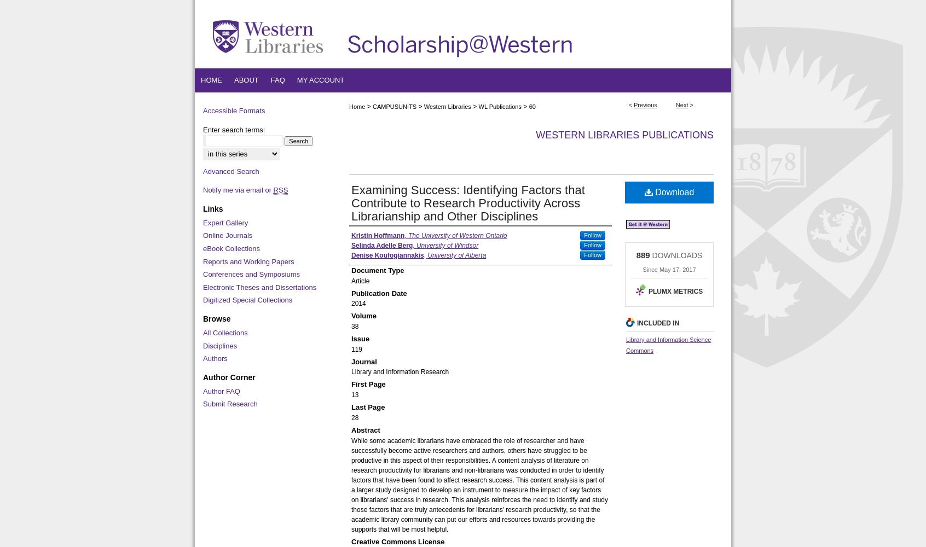  Describe the element at coordinates (225, 331) in the screenshot. I see `'All Collections'` at that location.